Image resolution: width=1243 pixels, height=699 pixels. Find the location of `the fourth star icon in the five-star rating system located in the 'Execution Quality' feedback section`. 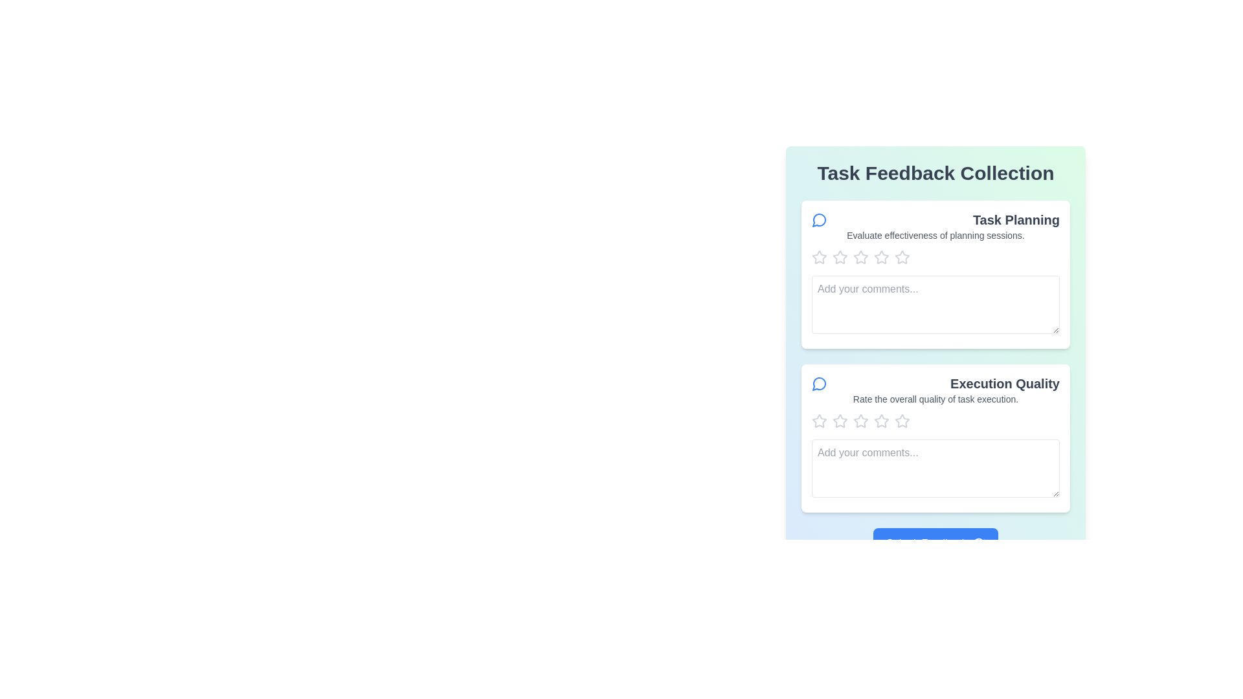

the fourth star icon in the five-star rating system located in the 'Execution Quality' feedback section is located at coordinates (881, 421).